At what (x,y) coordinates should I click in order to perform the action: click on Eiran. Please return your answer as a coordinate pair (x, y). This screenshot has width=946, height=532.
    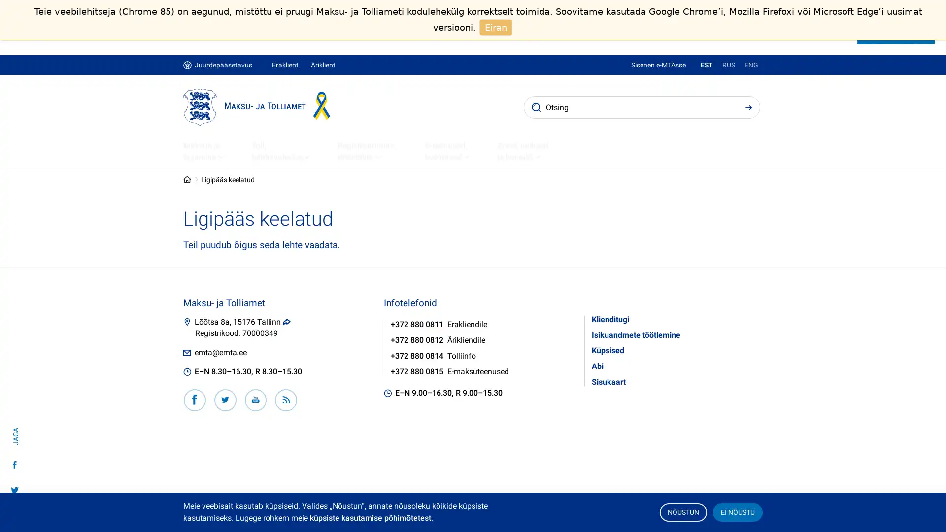
    Looking at the image, I should click on (496, 27).